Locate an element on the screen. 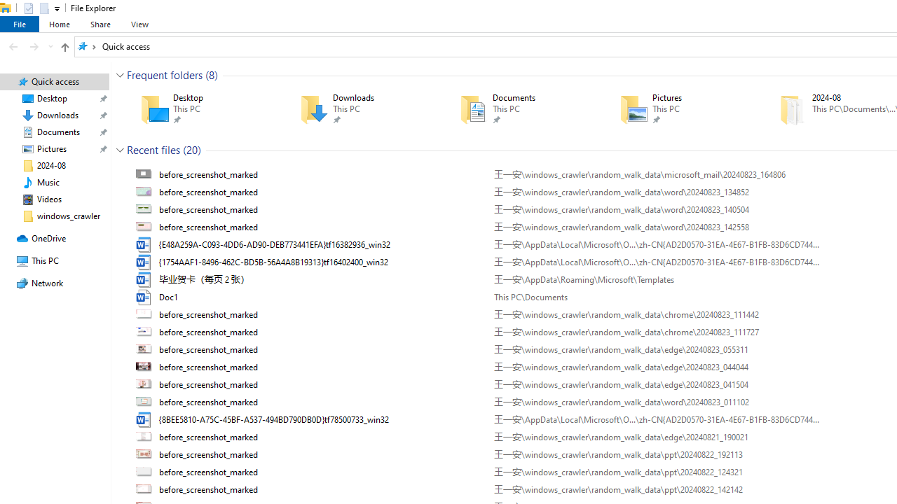  'Up band toolbar' is located at coordinates (64, 48).